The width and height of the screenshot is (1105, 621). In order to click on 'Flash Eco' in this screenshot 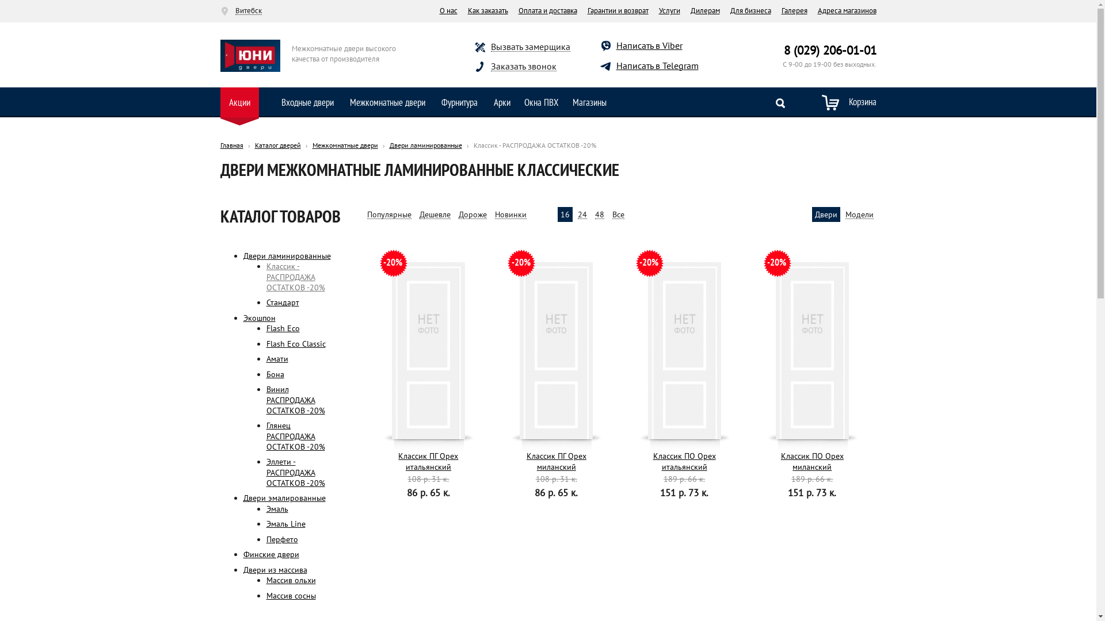, I will do `click(282, 328)`.